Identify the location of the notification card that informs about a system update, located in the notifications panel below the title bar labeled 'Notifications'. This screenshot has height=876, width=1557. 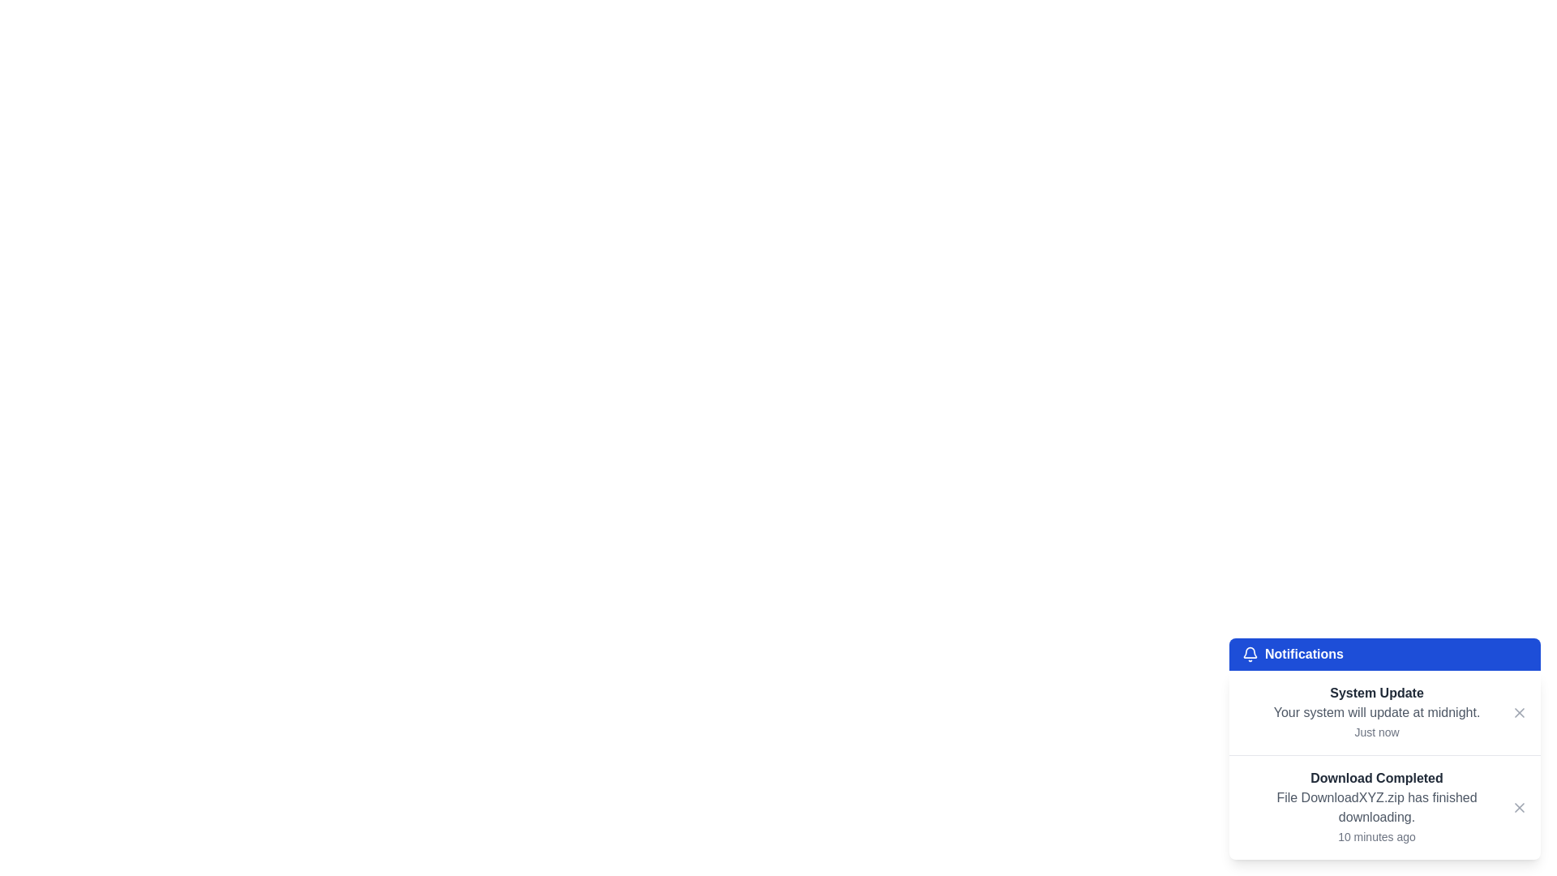
(1384, 712).